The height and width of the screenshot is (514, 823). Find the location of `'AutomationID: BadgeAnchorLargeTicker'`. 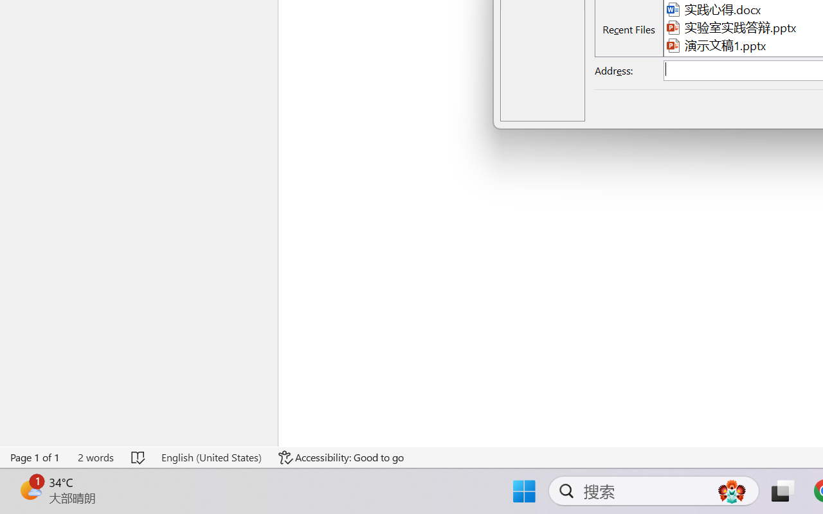

'AutomationID: BadgeAnchorLargeTicker' is located at coordinates (30, 490).